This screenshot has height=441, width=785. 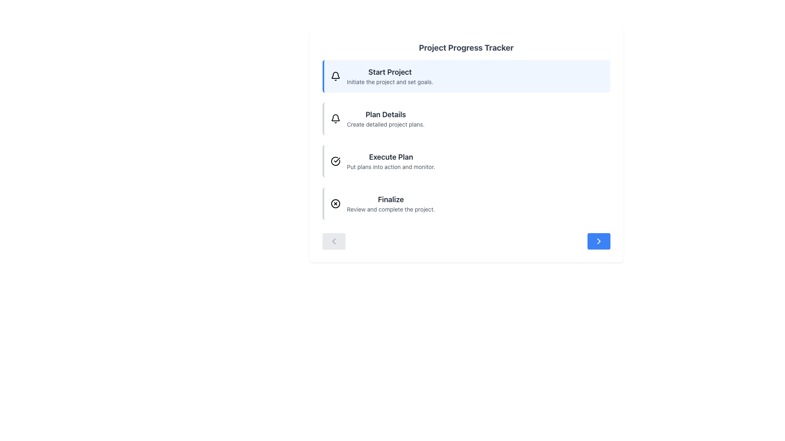 What do you see at coordinates (466, 76) in the screenshot?
I see `the first interactive list item with the title 'Start Project'` at bounding box center [466, 76].